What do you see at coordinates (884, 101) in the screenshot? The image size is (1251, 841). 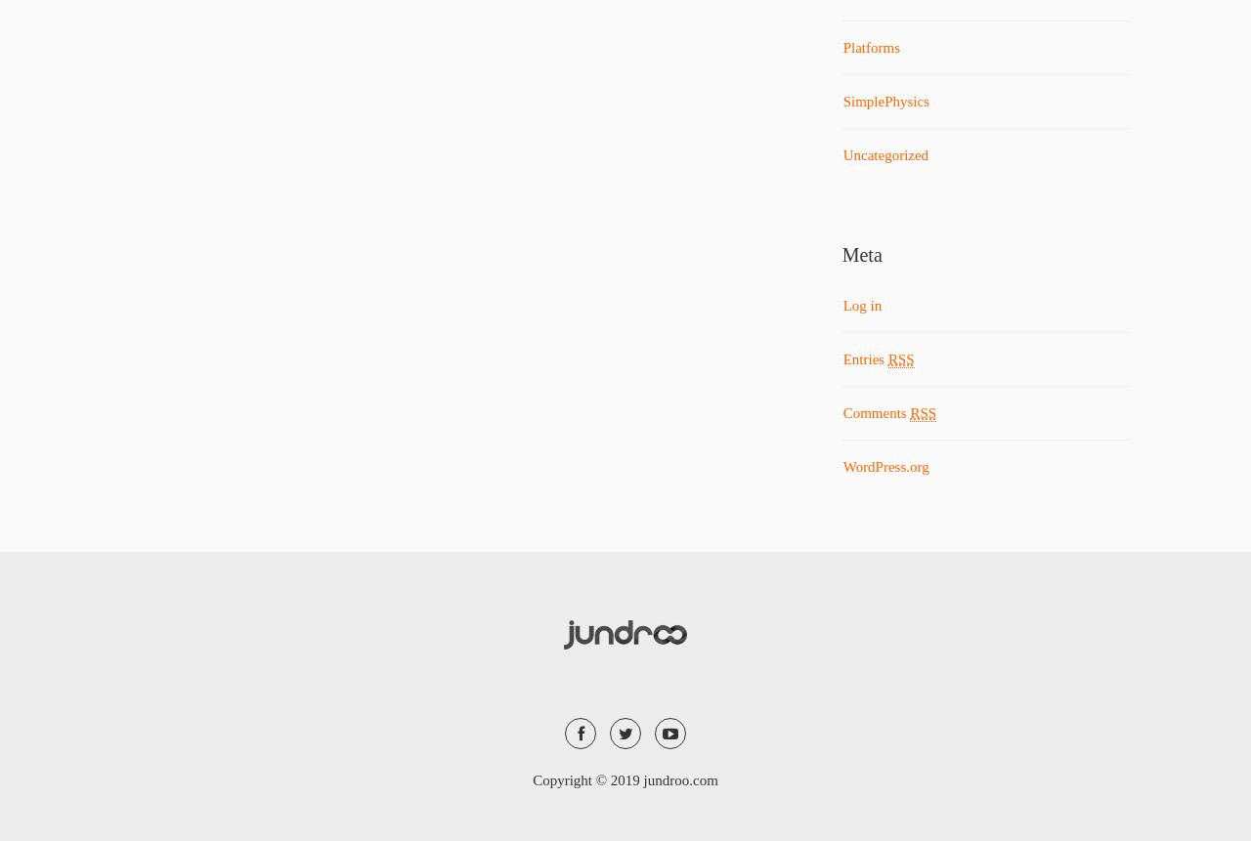 I see `'SimplePhysics'` at bounding box center [884, 101].